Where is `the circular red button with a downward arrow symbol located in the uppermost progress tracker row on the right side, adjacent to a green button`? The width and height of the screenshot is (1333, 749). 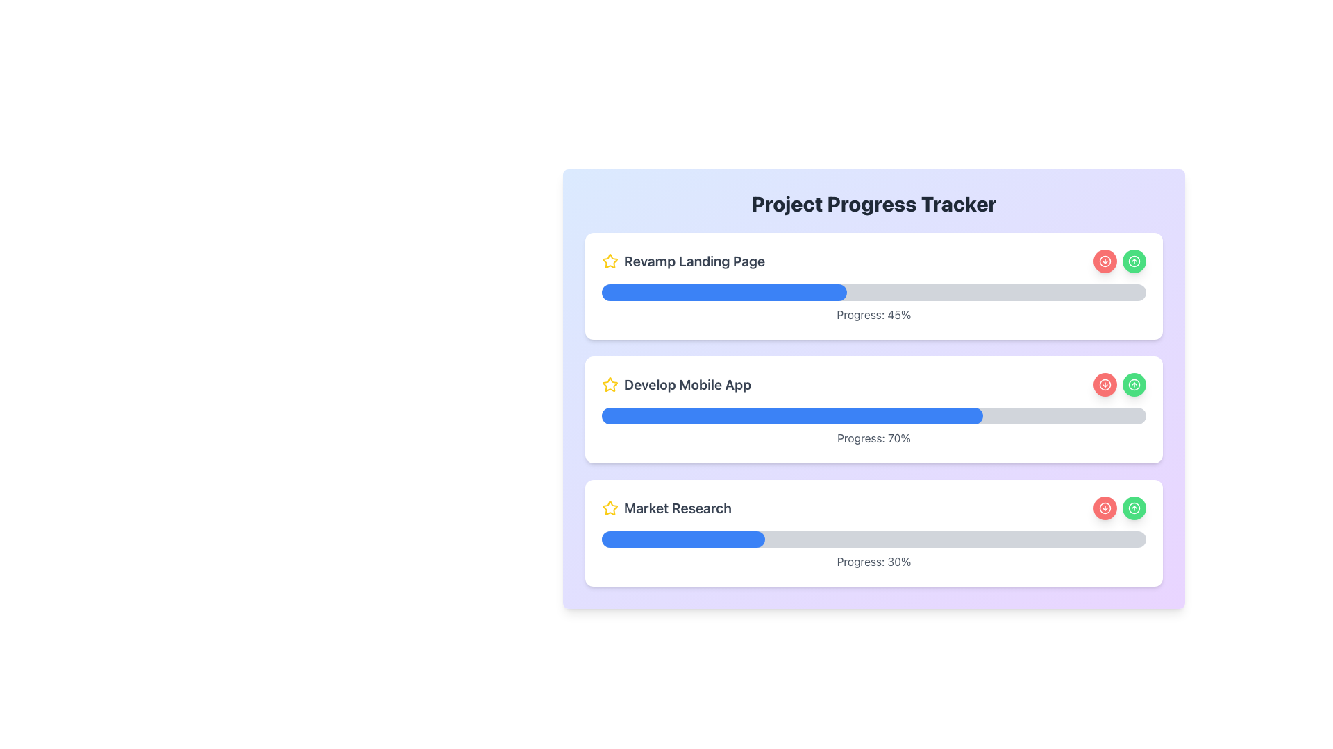
the circular red button with a downward arrow symbol located in the uppermost progress tracker row on the right side, adjacent to a green button is located at coordinates (1105, 261).